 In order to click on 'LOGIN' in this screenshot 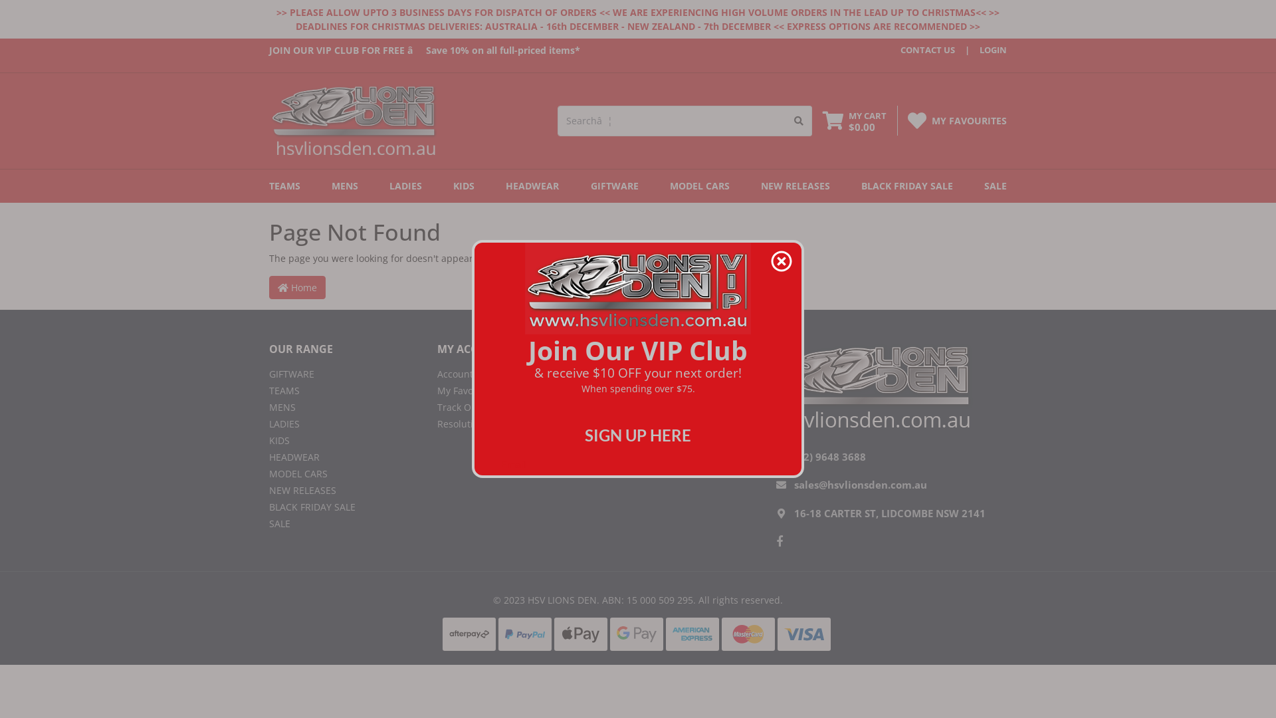, I will do `click(981, 50)`.